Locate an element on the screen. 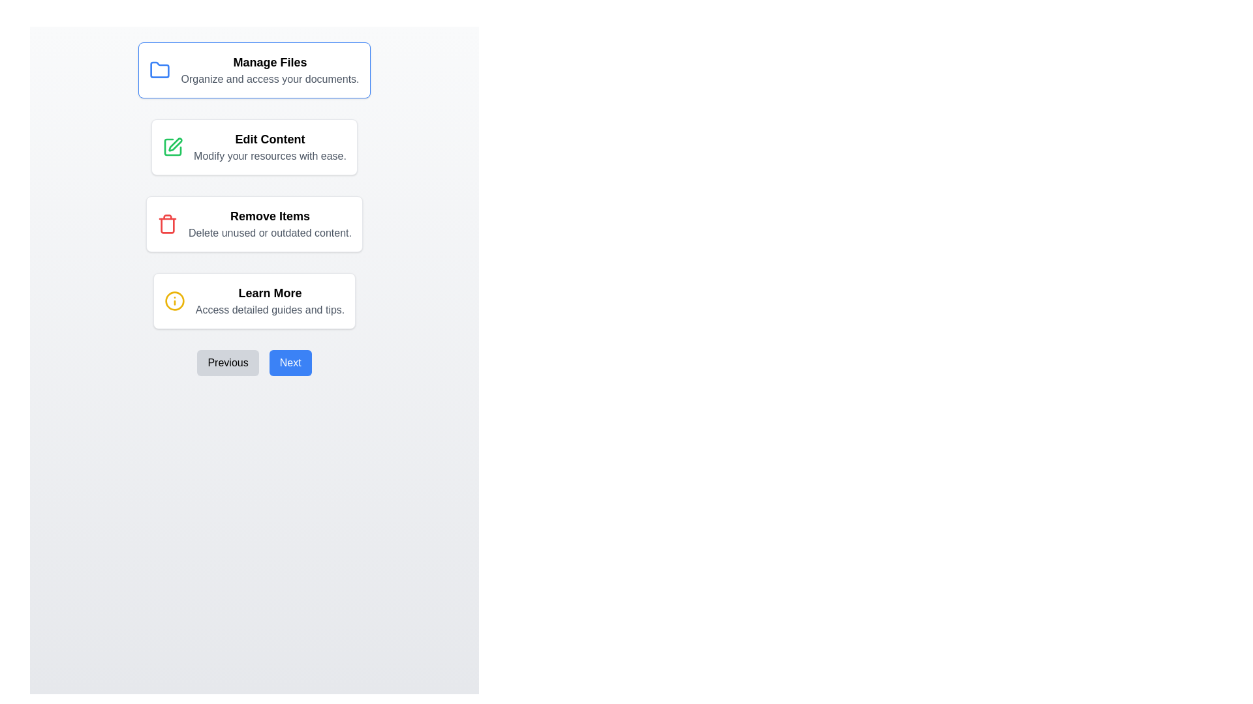  heading text label for removing items, which is positioned centrally in the interface and serves as a title for the section is located at coordinates (269, 215).